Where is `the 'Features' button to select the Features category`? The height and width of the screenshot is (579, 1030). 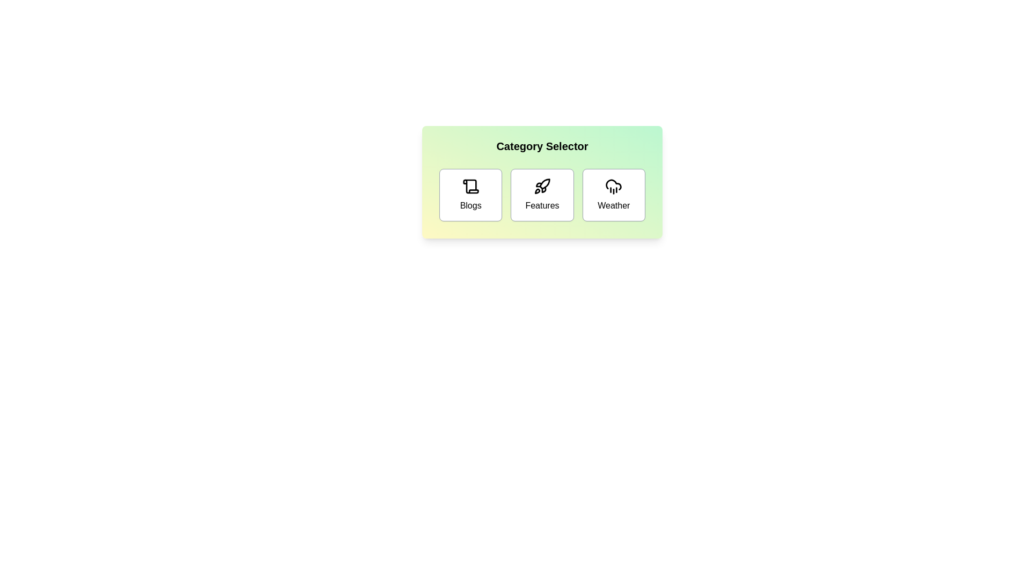 the 'Features' button to select the Features category is located at coordinates (541, 195).